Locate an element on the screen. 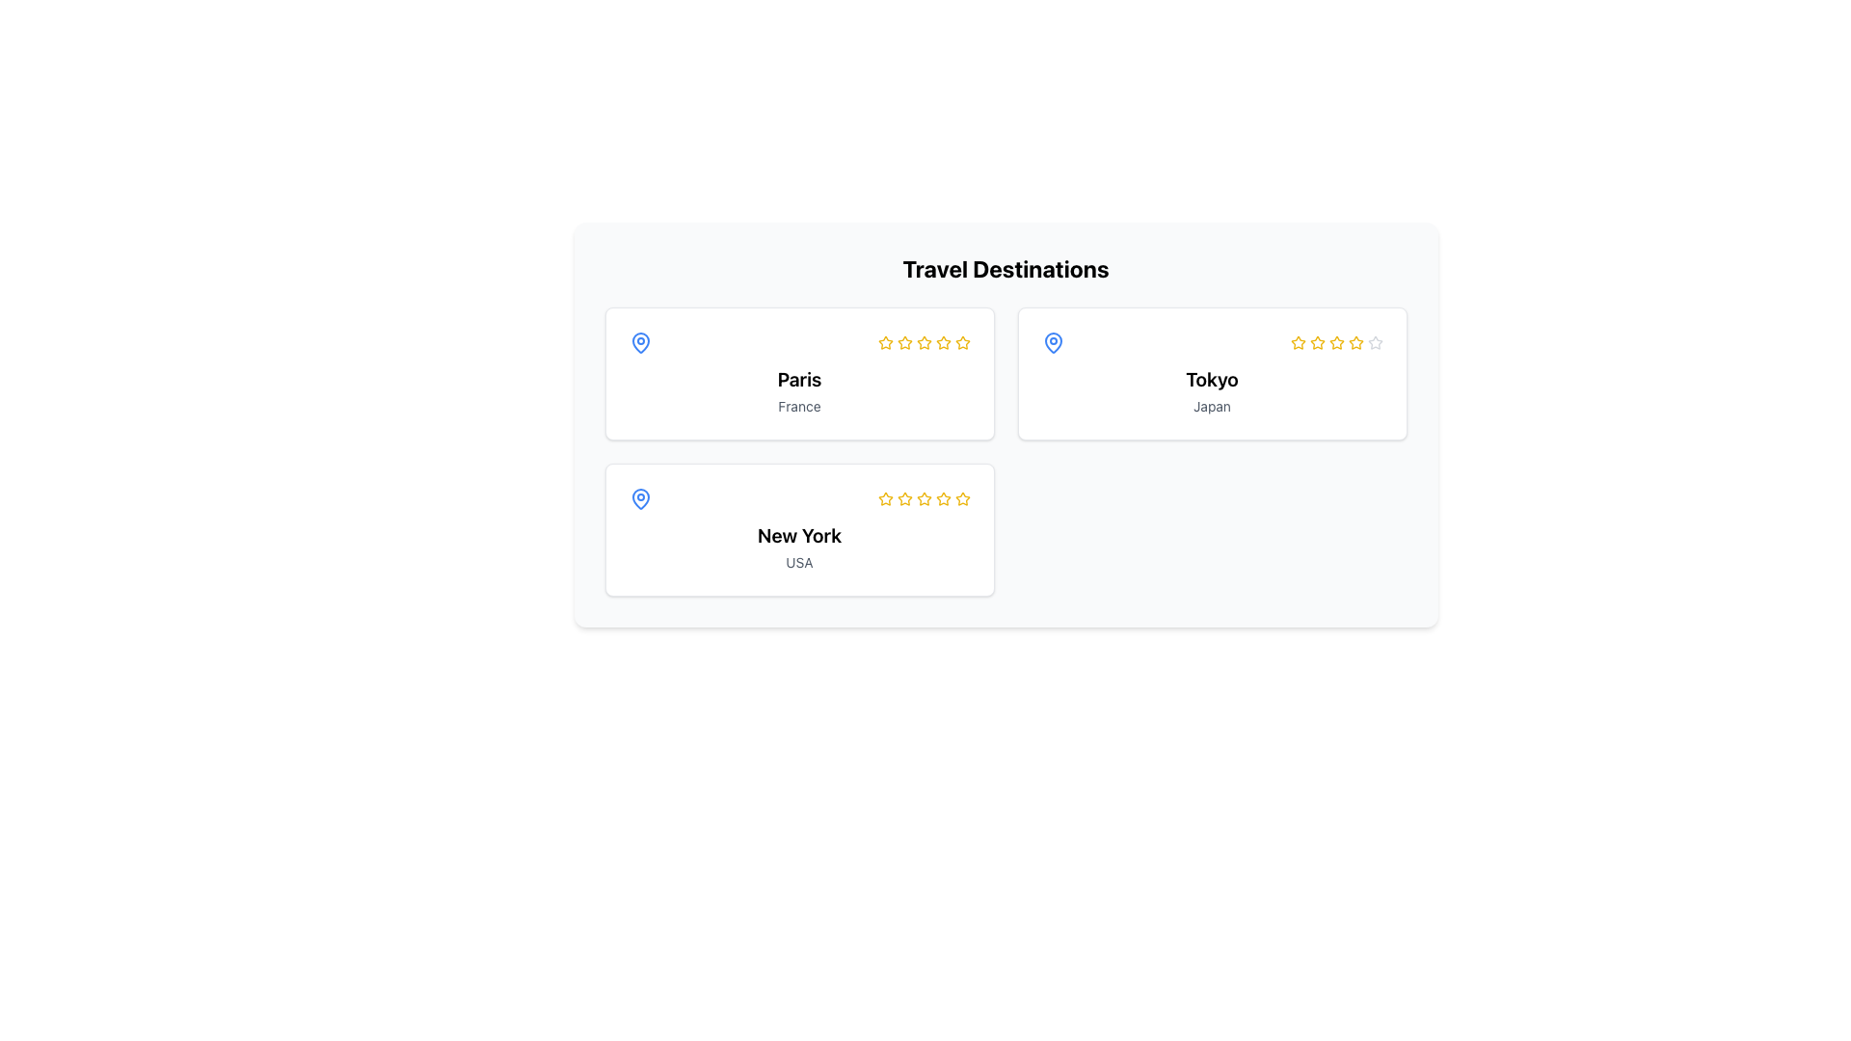 This screenshot has width=1851, height=1041. the text label indicating the geographical location or destination name in the bottom-left card of the 'Travel Destinations' grid layout, located centrally above the subtitle 'USA' is located at coordinates (799, 535).